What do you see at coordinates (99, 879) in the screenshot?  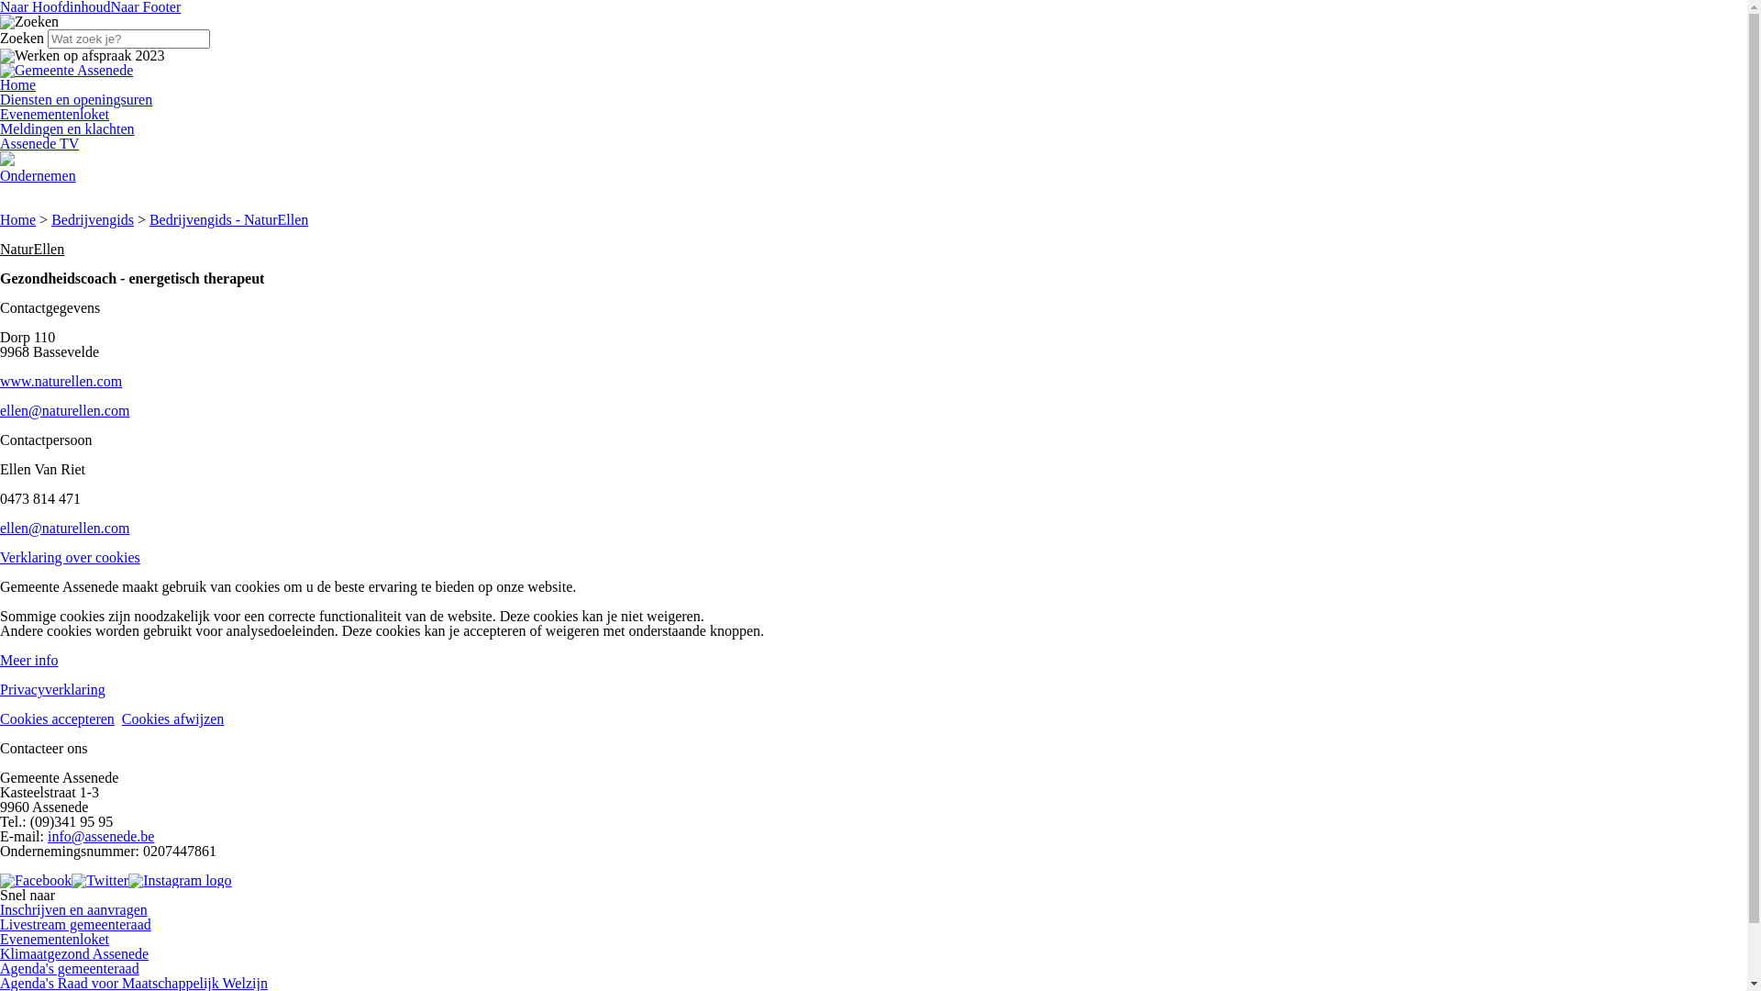 I see `'Twitter: @9960assenede'` at bounding box center [99, 879].